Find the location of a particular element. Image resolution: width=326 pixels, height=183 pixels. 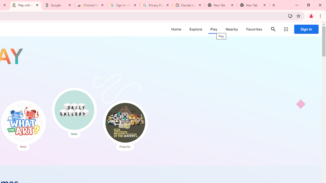

'Sign in - Google Accounts' is located at coordinates (124, 5).